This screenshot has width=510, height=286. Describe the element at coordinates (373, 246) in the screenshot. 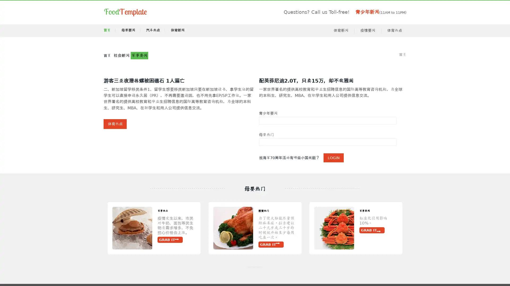

I see `Grab It` at that location.